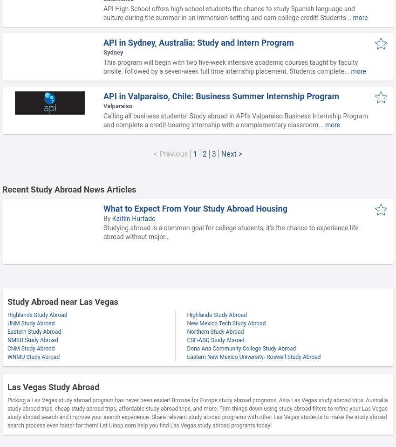 This screenshot has height=447, width=396. I want to click on '2', so click(204, 153).